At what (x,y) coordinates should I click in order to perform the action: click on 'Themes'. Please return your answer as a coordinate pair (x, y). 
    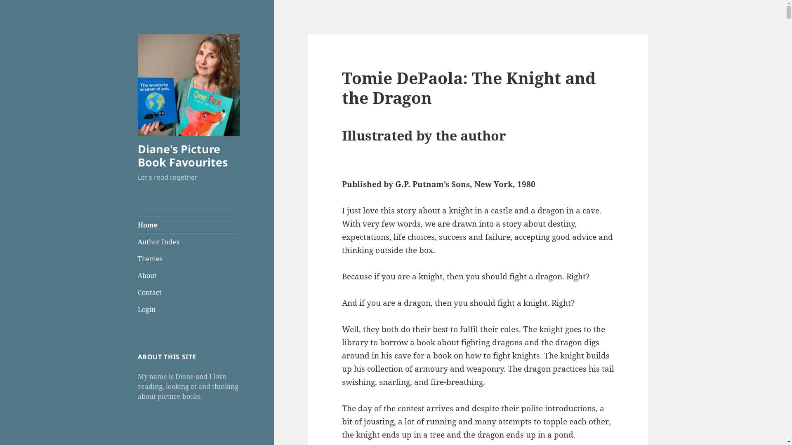
    Looking at the image, I should click on (188, 258).